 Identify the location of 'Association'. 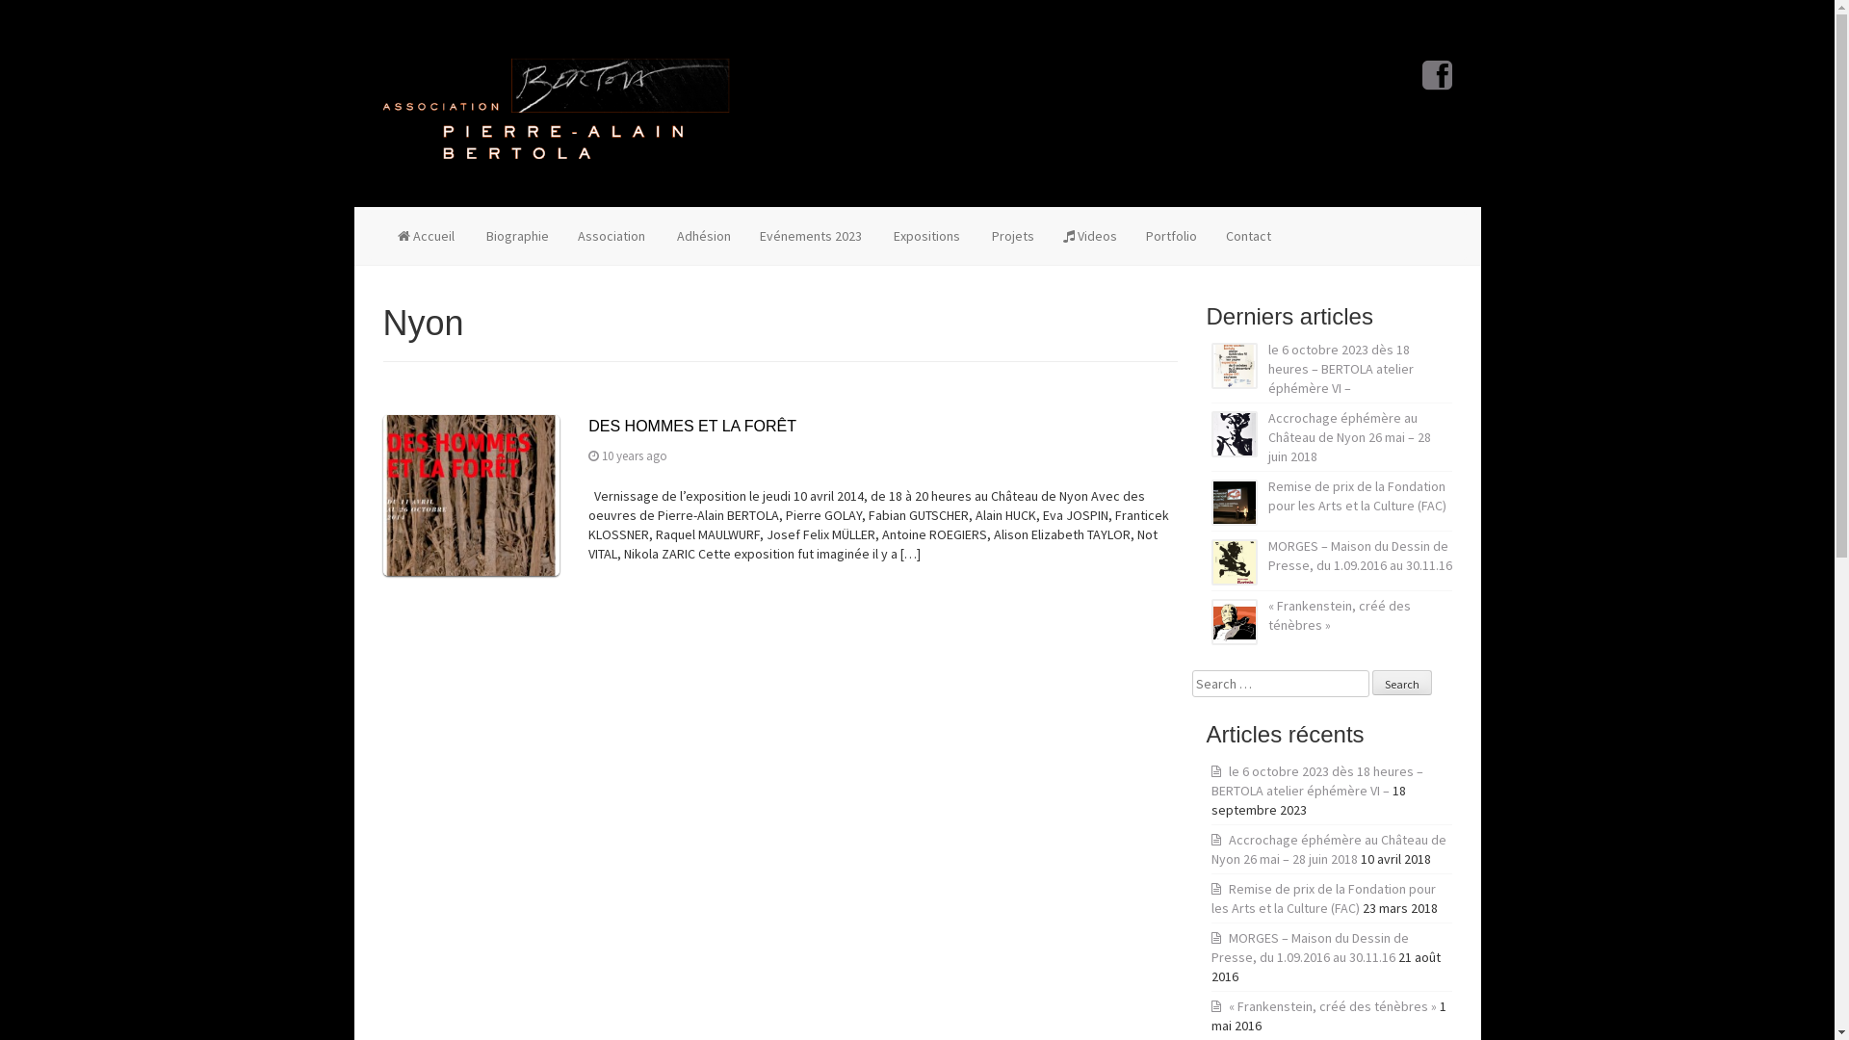
(609, 235).